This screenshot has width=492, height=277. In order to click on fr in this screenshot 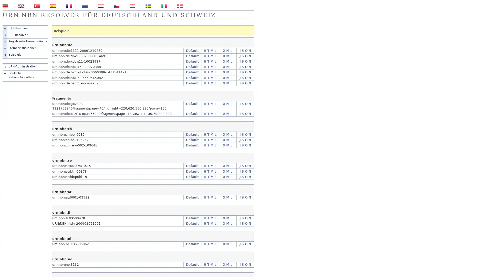, I will do `click(68, 6)`.